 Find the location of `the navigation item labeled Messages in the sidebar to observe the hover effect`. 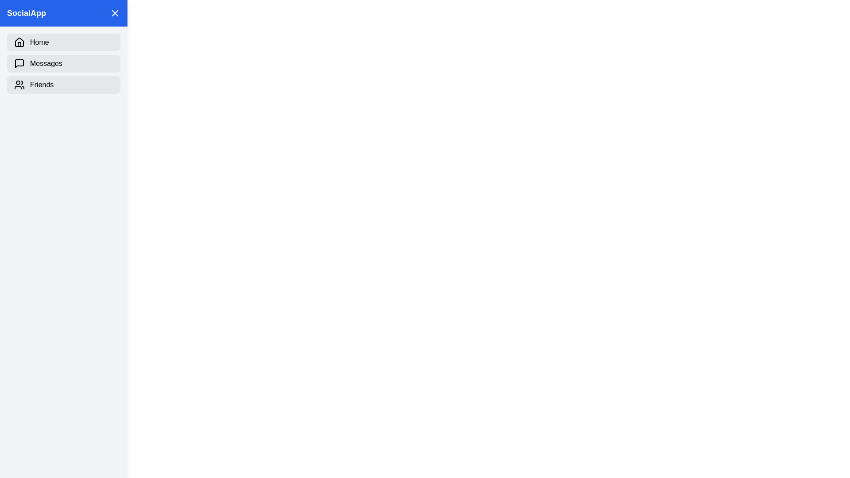

the navigation item labeled Messages in the sidebar to observe the hover effect is located at coordinates (63, 63).